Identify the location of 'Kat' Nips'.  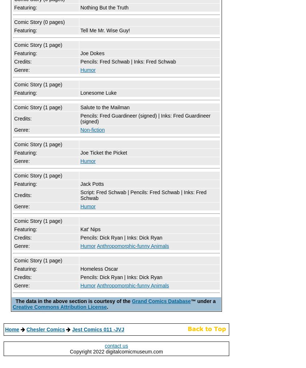
(90, 229).